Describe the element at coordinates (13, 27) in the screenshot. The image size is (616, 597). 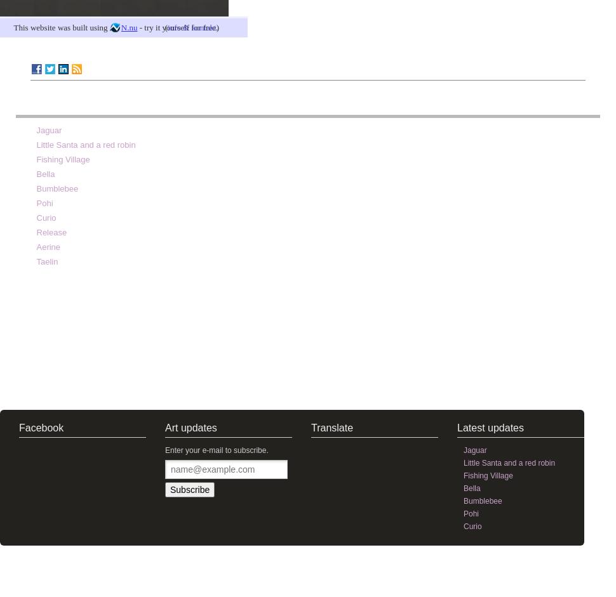
I see `'This website was built using'` at that location.